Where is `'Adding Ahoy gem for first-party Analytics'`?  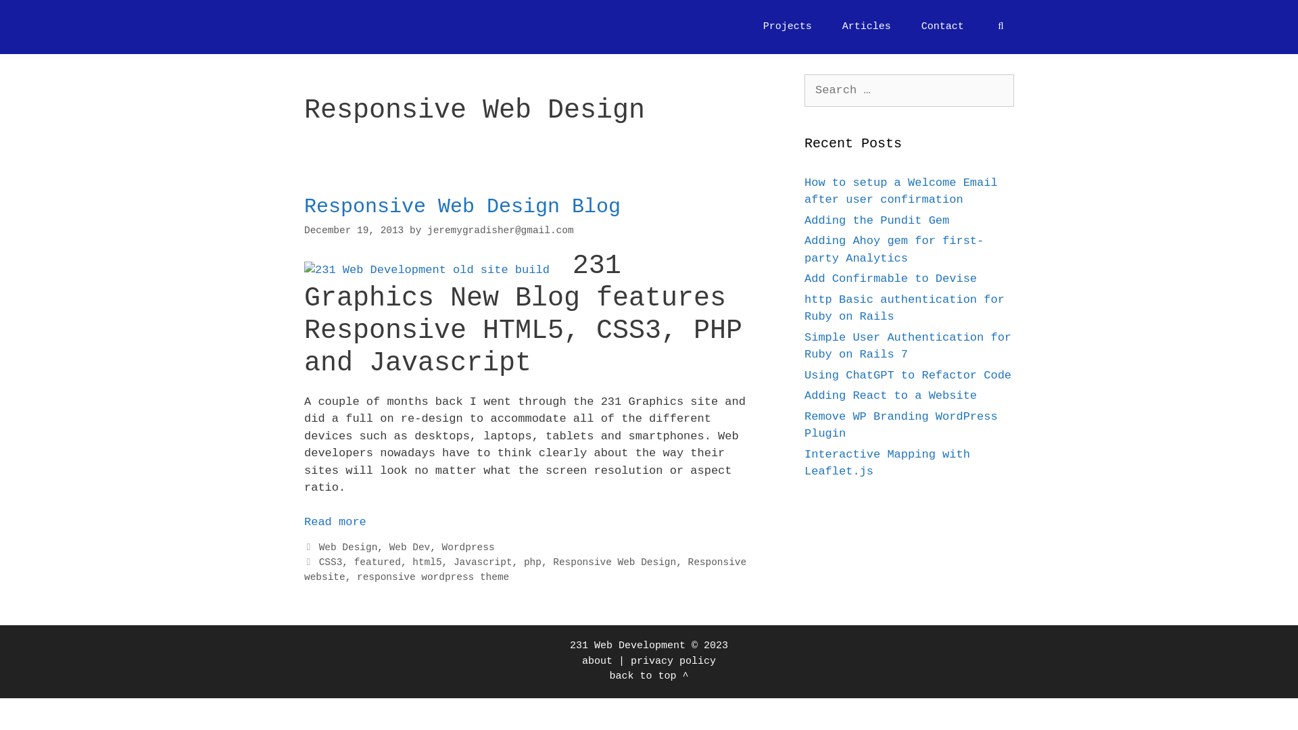 'Adding Ahoy gem for first-party Analytics' is located at coordinates (894, 249).